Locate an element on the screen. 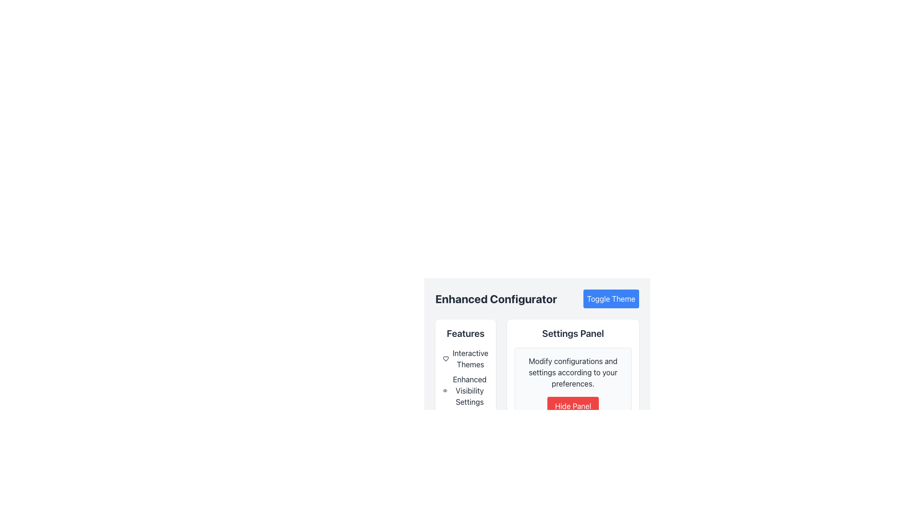 The image size is (899, 506). the stylized heart icon, which is the second icon in the 'Features' section of the vertical list on the left side of the interface is located at coordinates (445, 358).